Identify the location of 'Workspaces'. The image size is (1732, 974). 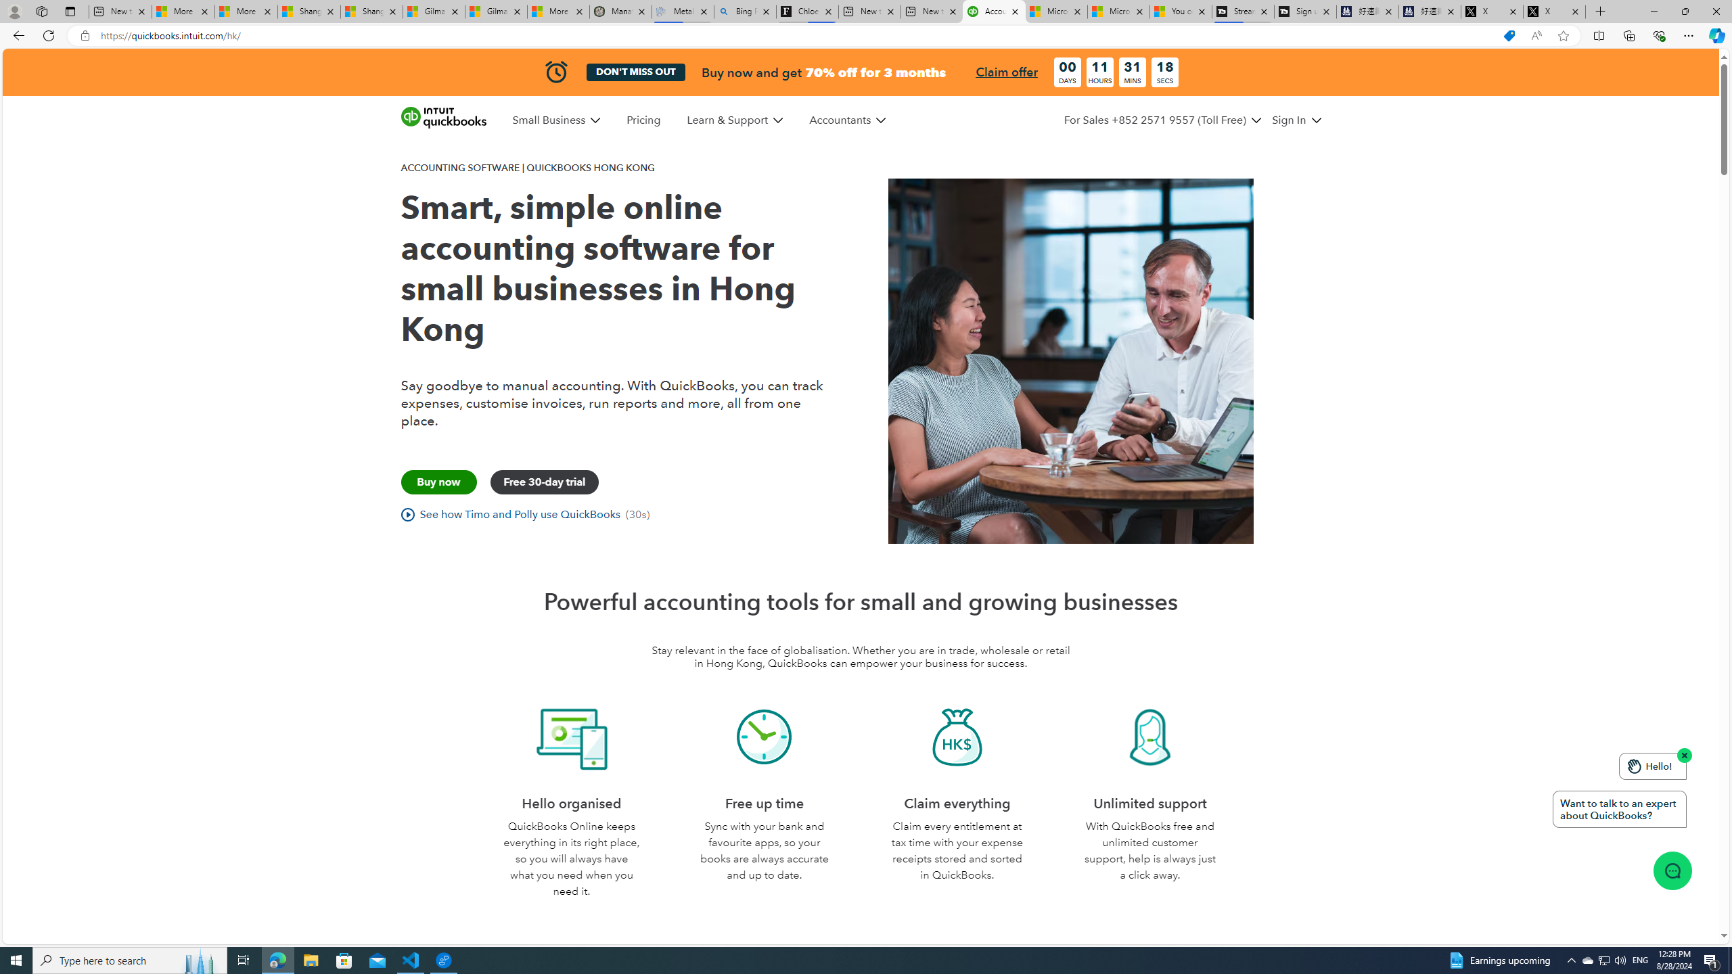
(41, 11).